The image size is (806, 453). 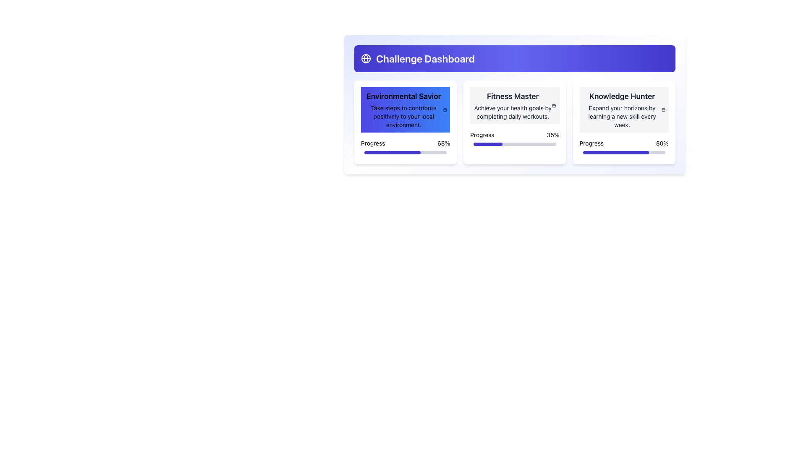 What do you see at coordinates (554, 105) in the screenshot?
I see `the calendar icon located at the top-right corner inside the 'Fitness Master' card` at bounding box center [554, 105].